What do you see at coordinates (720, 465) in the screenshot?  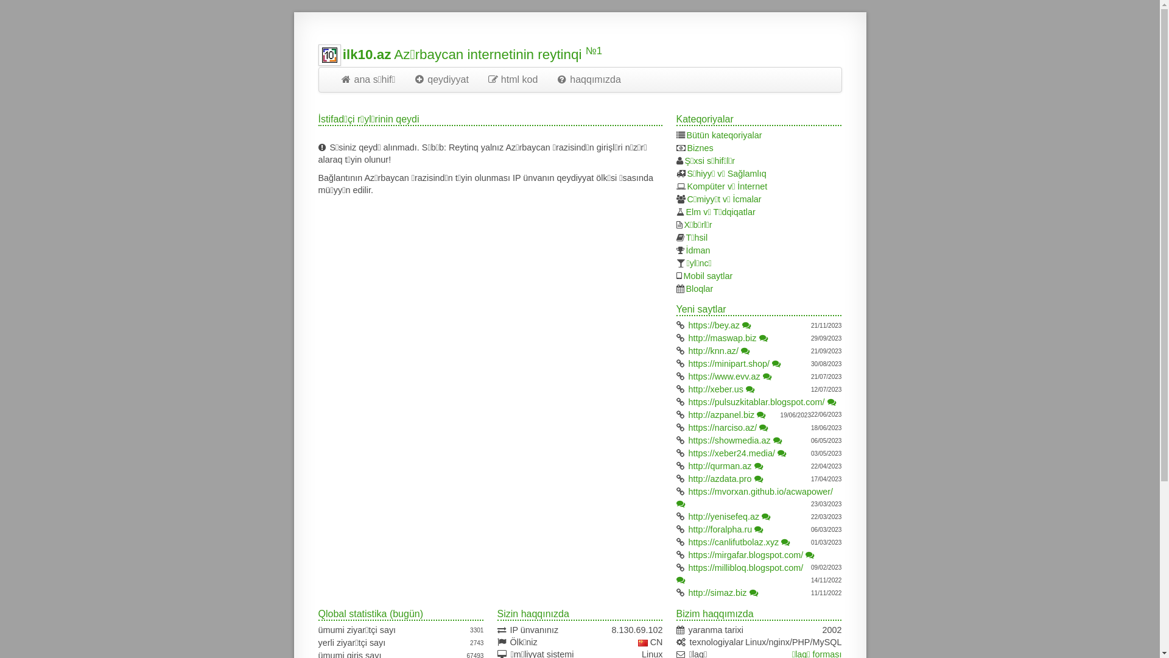 I see `'http://qurman.az'` at bounding box center [720, 465].